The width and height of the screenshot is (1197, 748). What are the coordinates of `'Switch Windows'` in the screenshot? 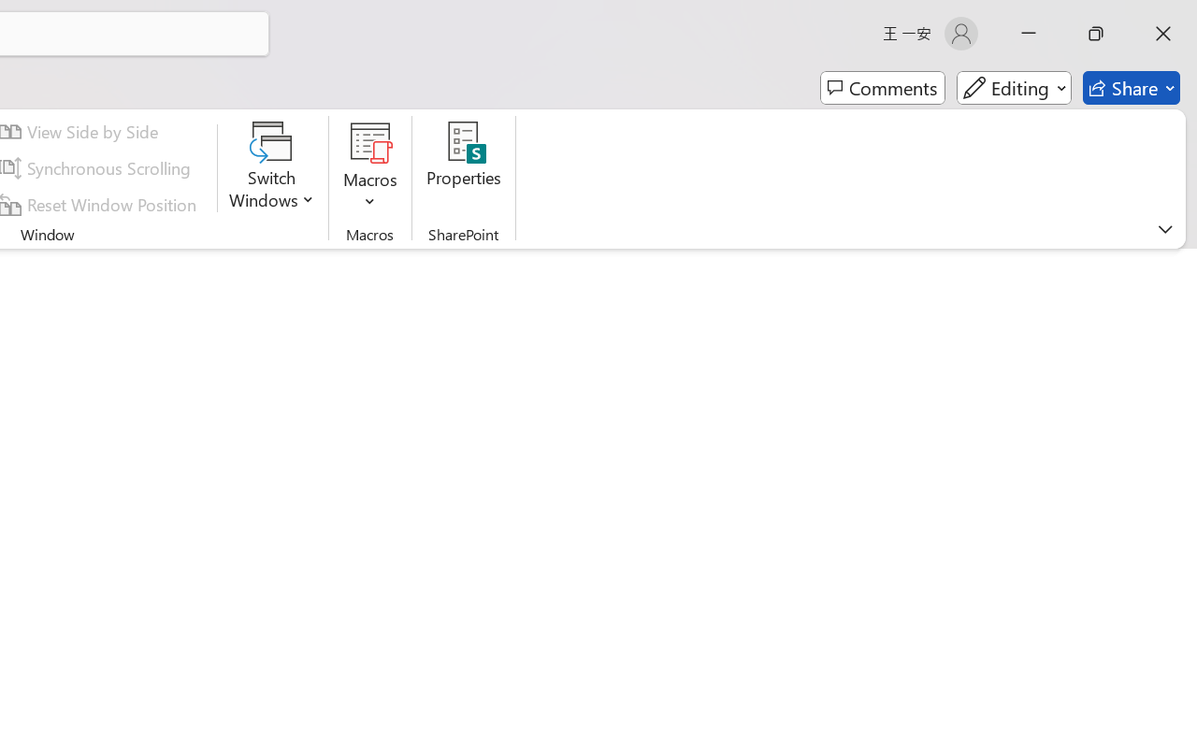 It's located at (271, 167).